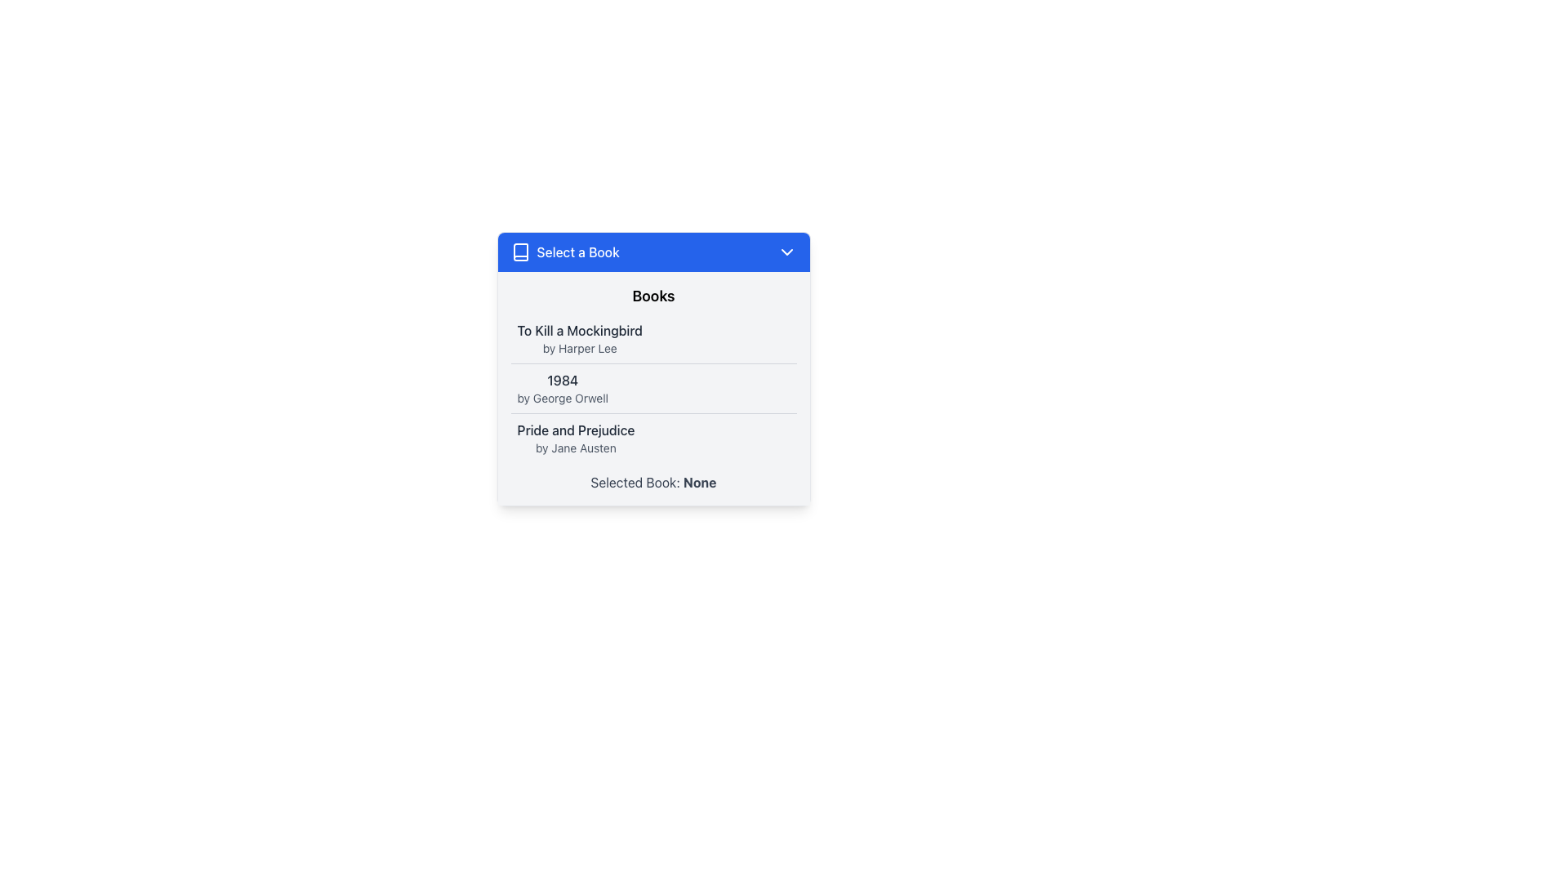 This screenshot has height=882, width=1568. What do you see at coordinates (576, 430) in the screenshot?
I see `title 'Pride and Prejudice' displayed in bold medium-sized font in dark gray, positioned as the third book entry in the 'Books' section of the modal window` at bounding box center [576, 430].